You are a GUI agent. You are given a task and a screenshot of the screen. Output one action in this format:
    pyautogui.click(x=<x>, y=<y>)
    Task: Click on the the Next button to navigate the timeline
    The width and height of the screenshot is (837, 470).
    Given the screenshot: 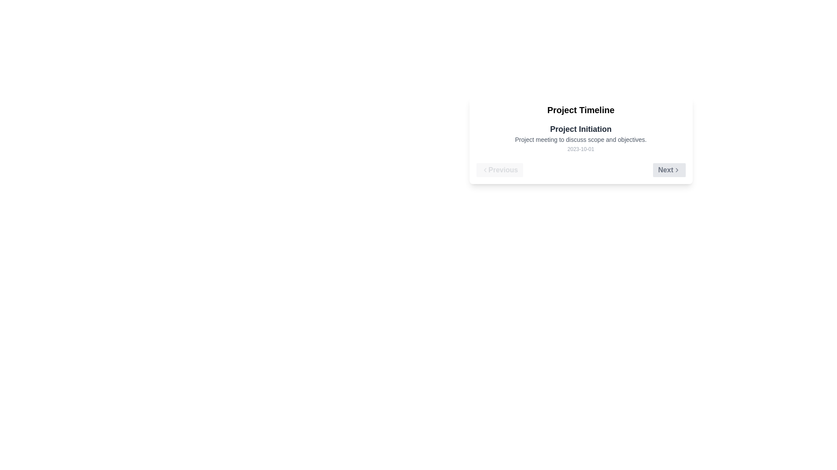 What is the action you would take?
    pyautogui.click(x=669, y=170)
    